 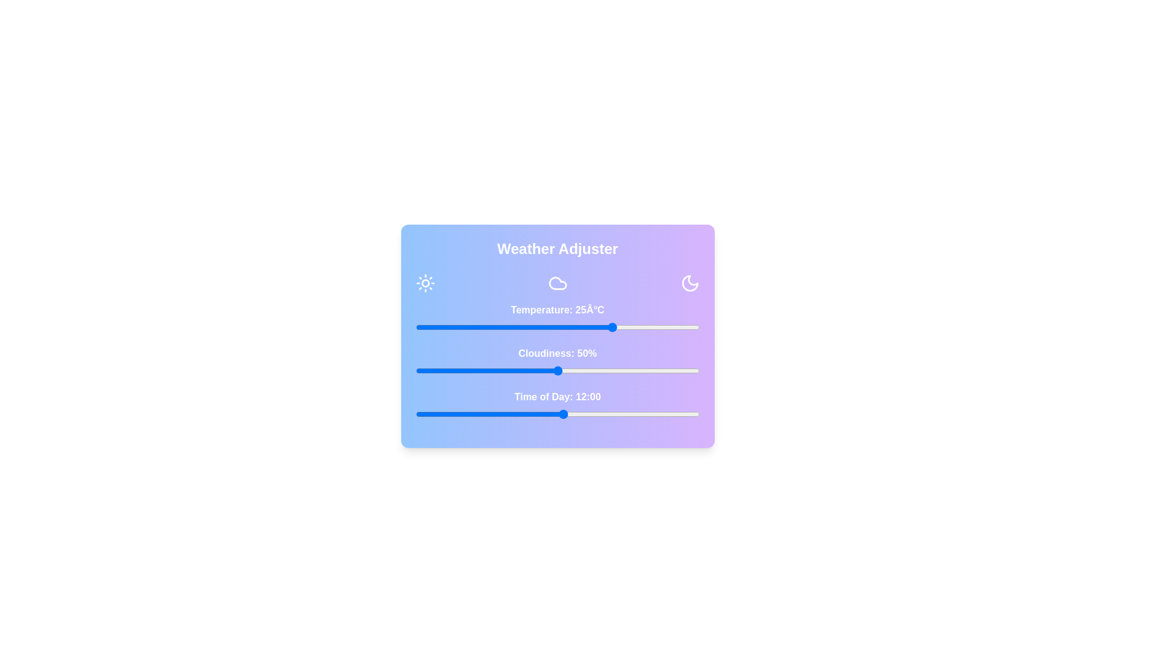 I want to click on the time of day, so click(x=625, y=414).